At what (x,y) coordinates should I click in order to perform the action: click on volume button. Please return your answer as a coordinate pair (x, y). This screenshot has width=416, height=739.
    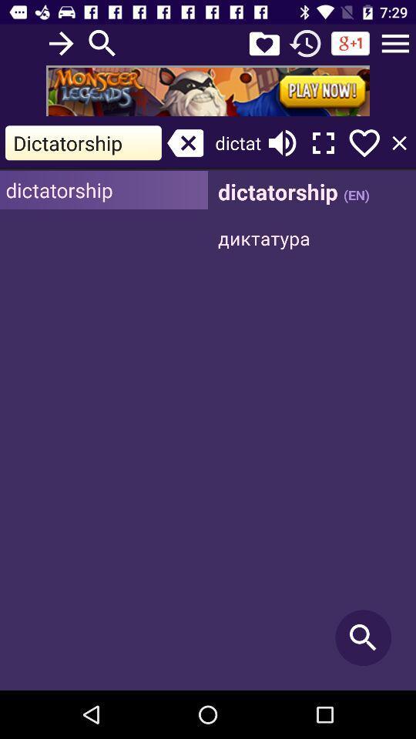
    Looking at the image, I should click on (281, 142).